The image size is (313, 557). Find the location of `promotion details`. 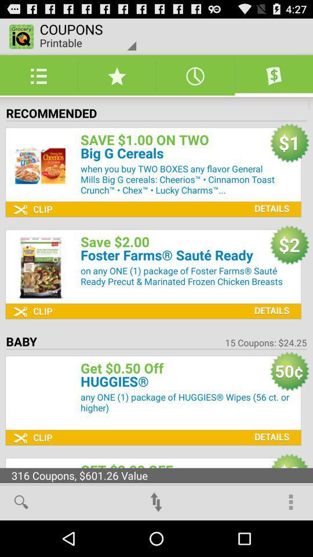

promotion details is located at coordinates (269, 200).